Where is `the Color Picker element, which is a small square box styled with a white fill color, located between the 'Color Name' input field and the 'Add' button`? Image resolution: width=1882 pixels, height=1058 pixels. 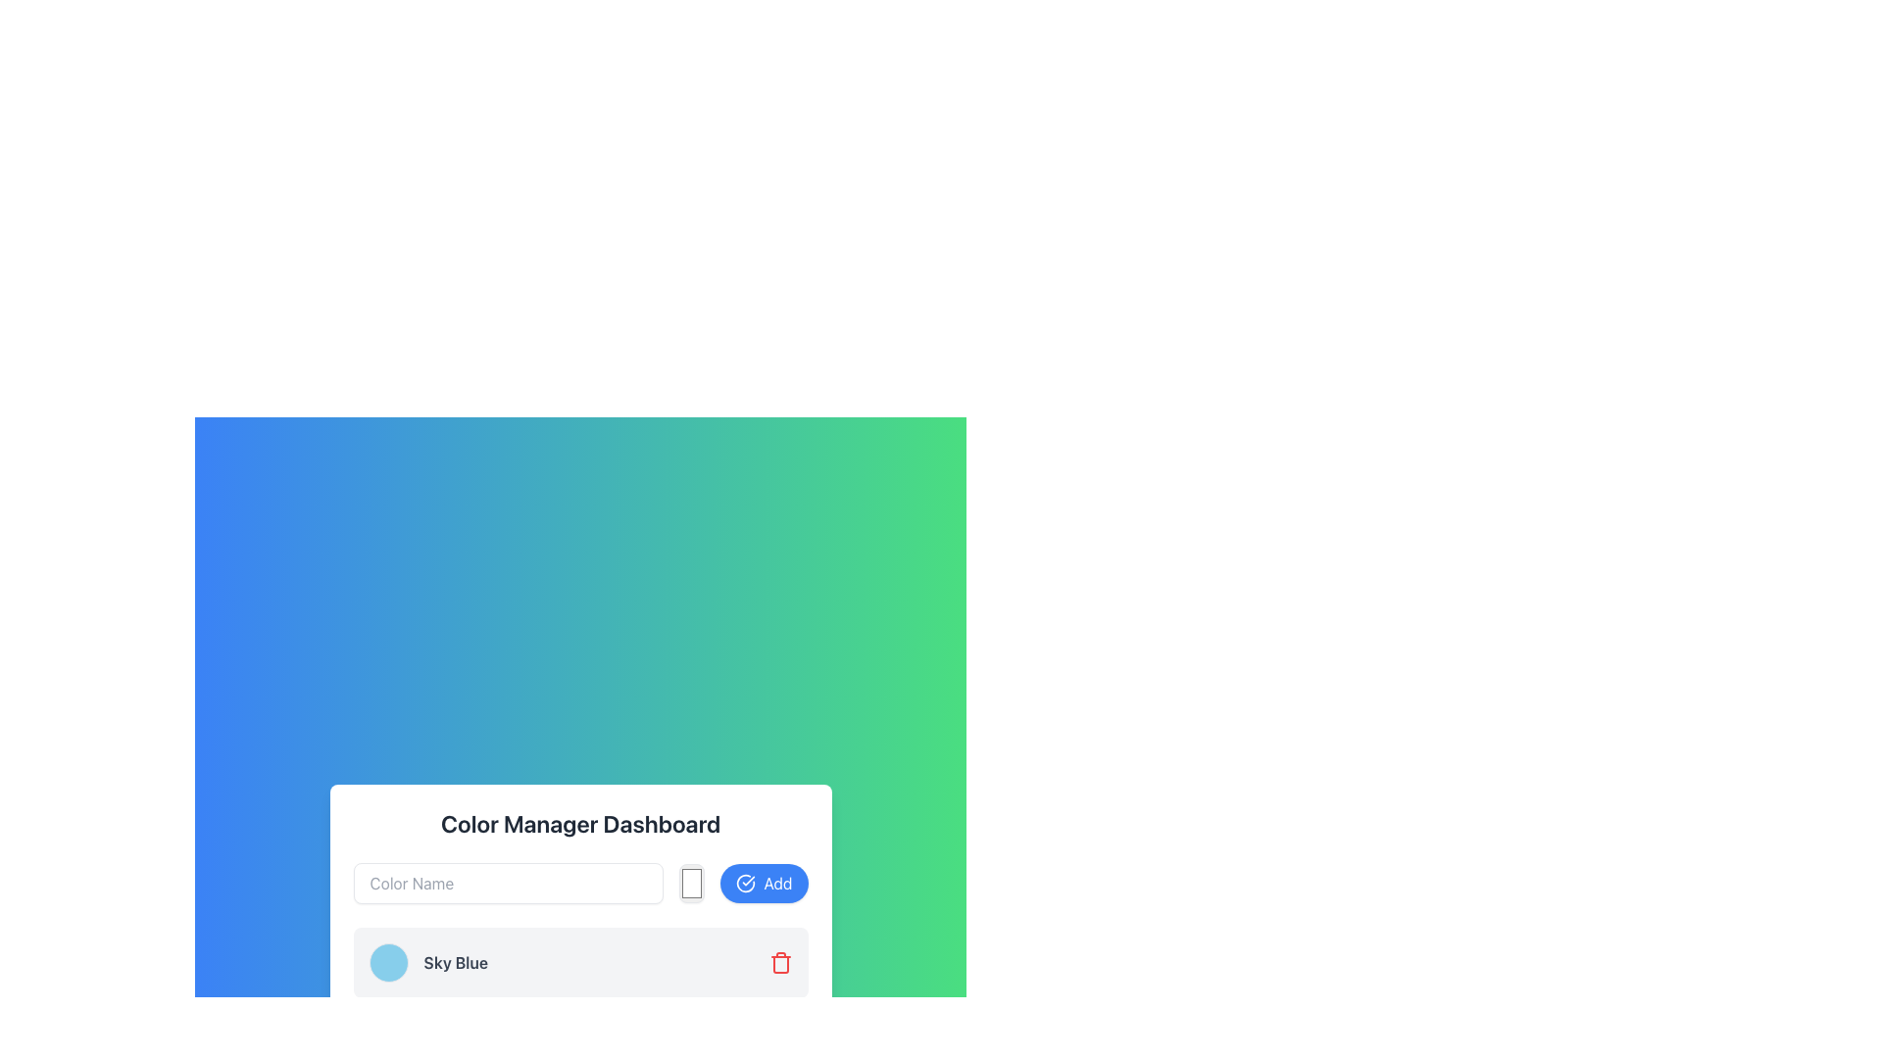 the Color Picker element, which is a small square box styled with a white fill color, located between the 'Color Name' input field and the 'Add' button is located at coordinates (691, 884).